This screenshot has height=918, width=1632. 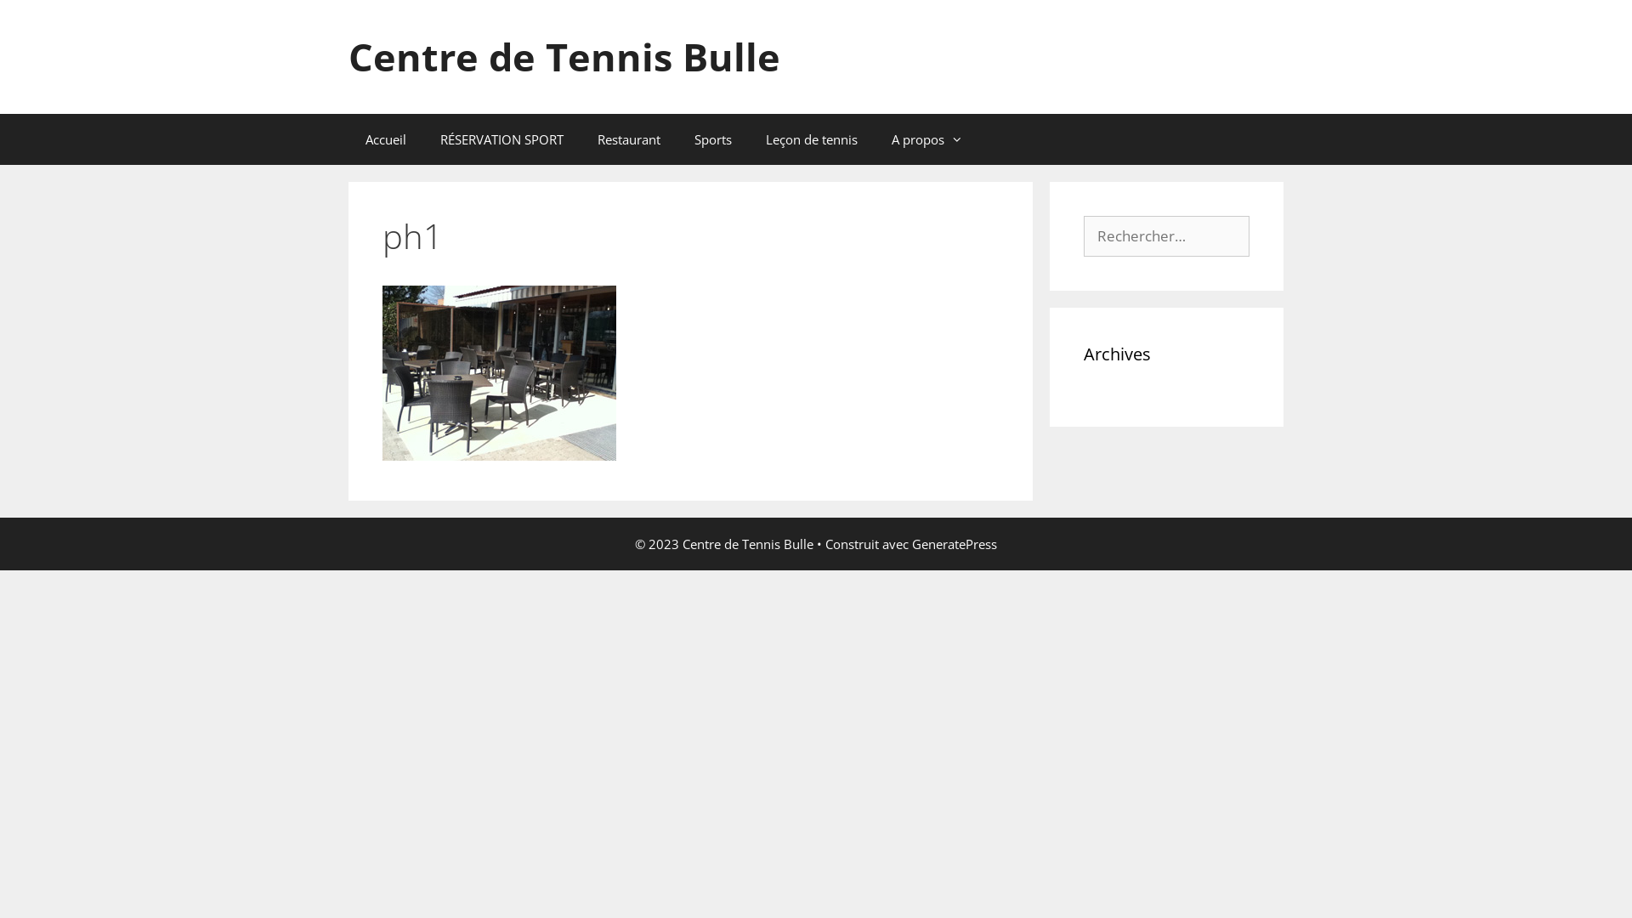 What do you see at coordinates (347, 55) in the screenshot?
I see `'Centre de Tennis Bulle'` at bounding box center [347, 55].